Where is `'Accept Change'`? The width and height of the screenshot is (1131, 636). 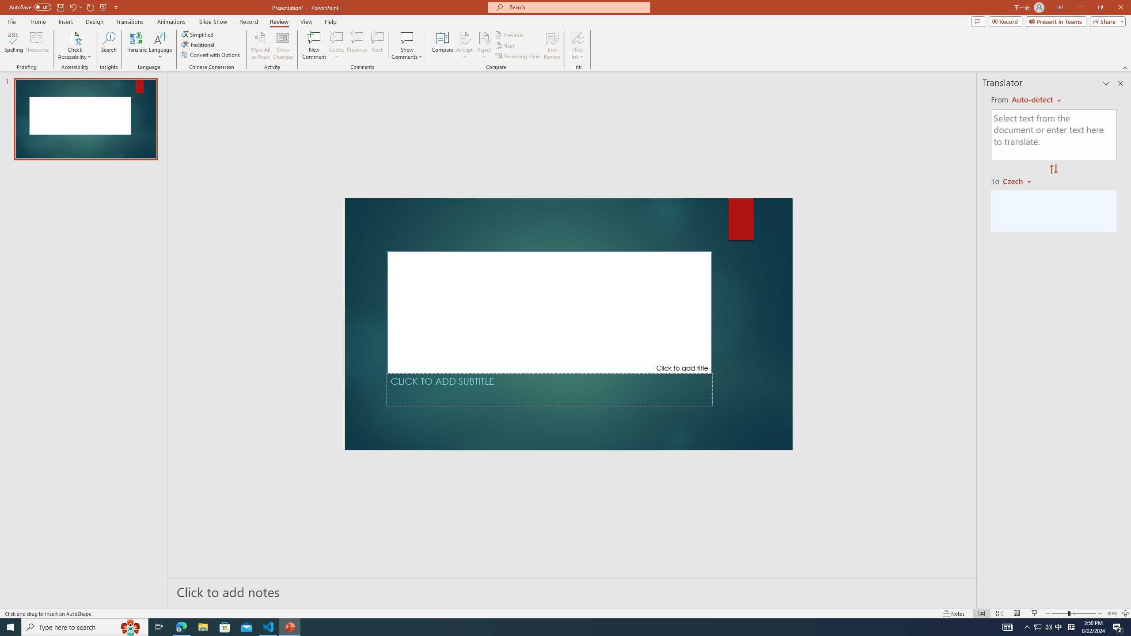 'Accept Change' is located at coordinates (464, 37).